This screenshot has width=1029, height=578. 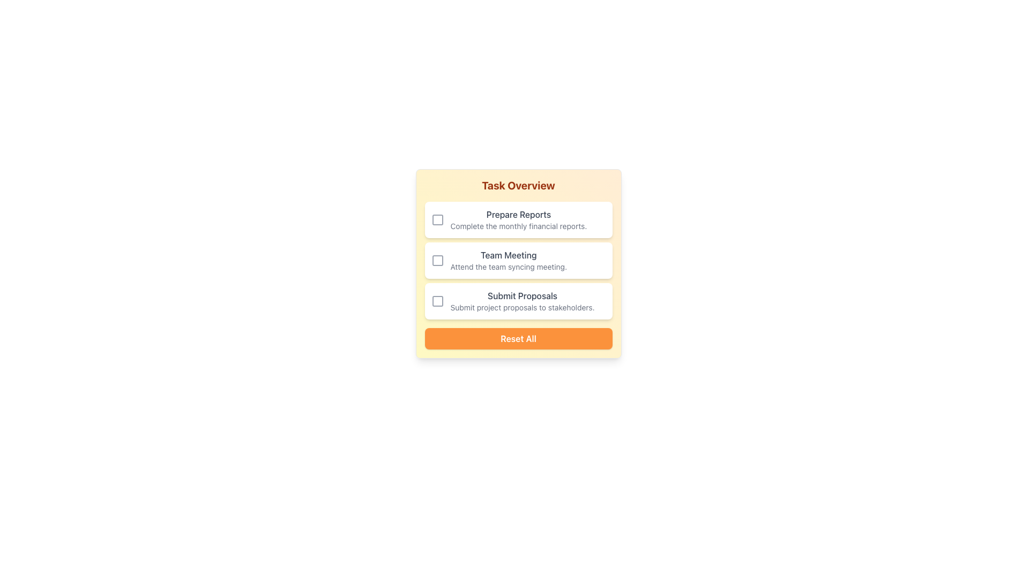 I want to click on the Text Section titled 'Team Meeting' that contains the subtitle 'Attend the team syncing meeting.', so click(x=508, y=260).